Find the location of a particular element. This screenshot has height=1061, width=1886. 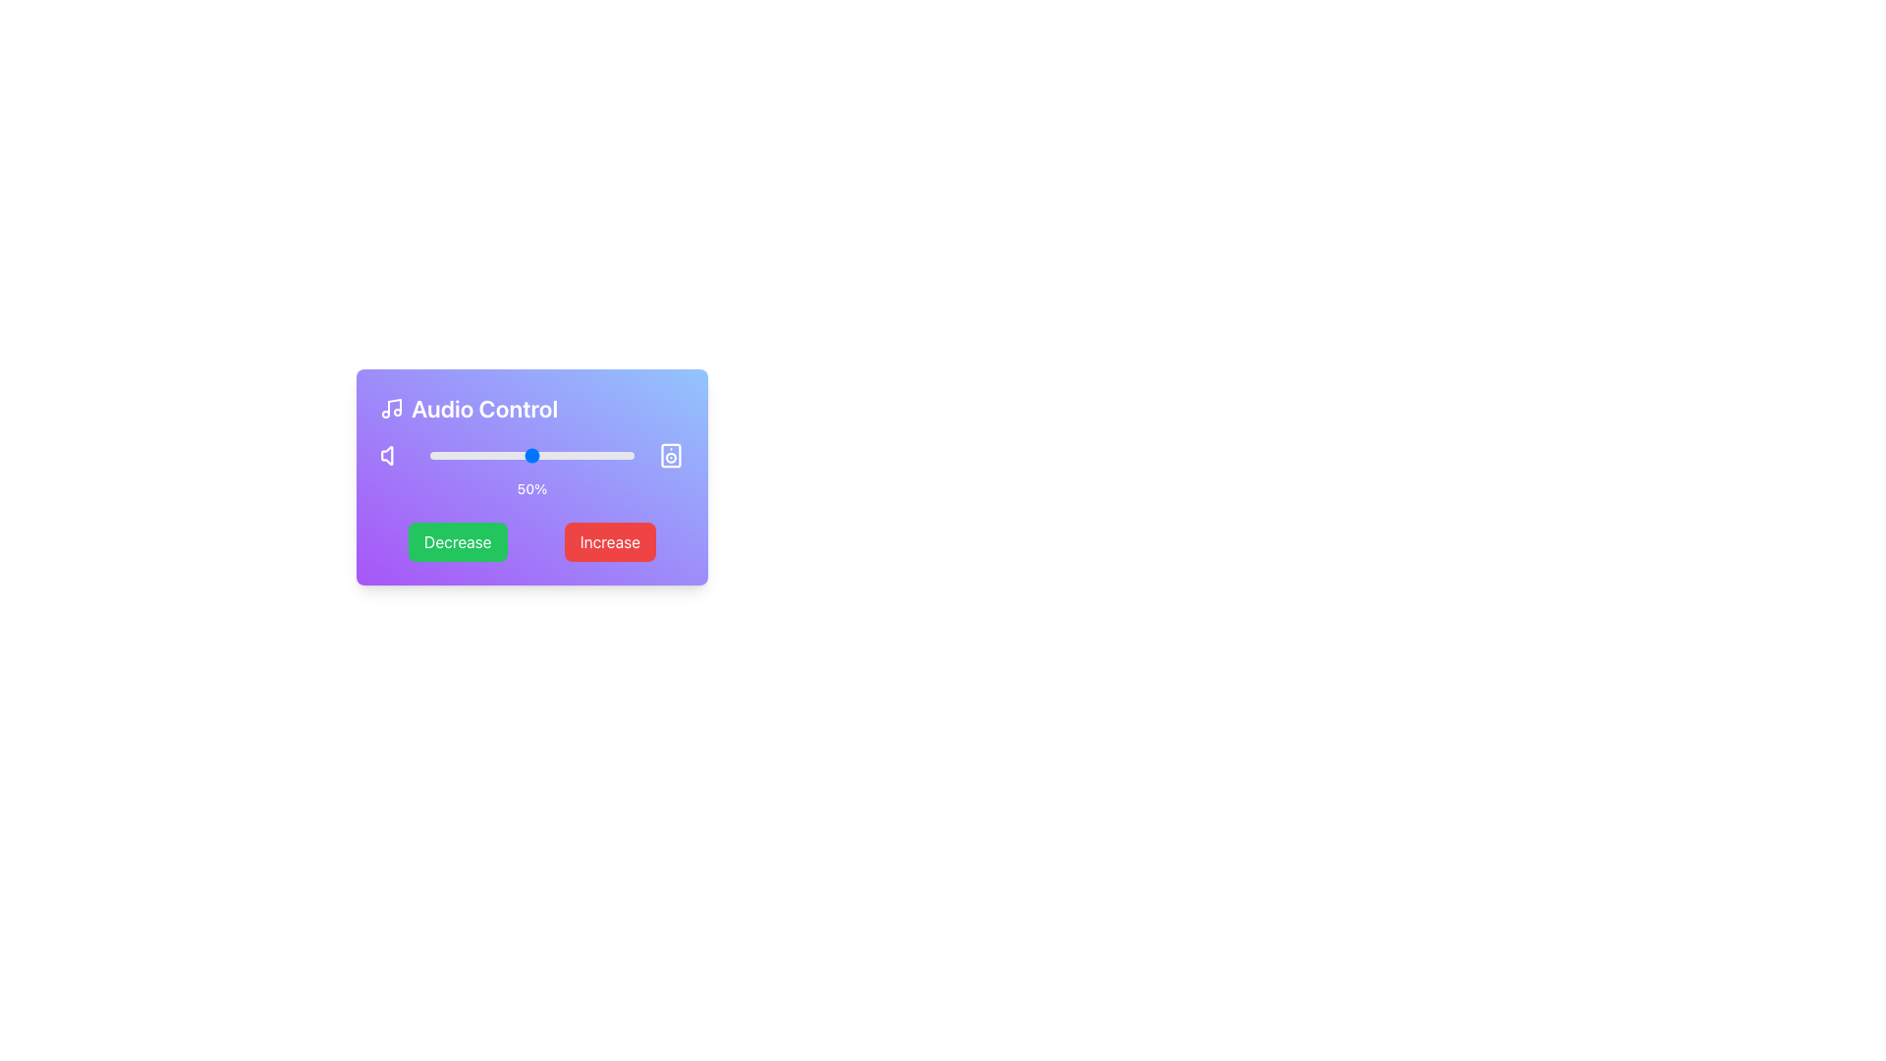

the slider is located at coordinates (476, 455).